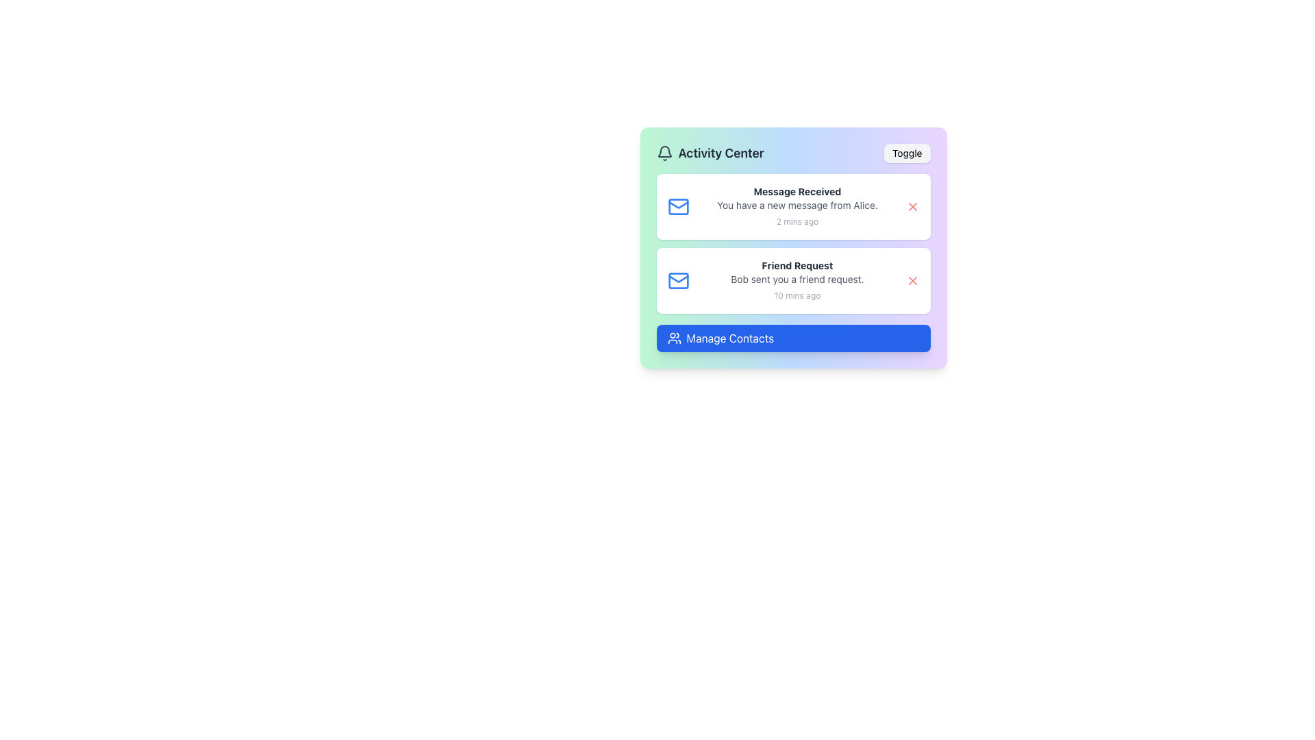 The width and height of the screenshot is (1315, 740). I want to click on the close icon represented as an 'X' shape located in the top notification card of the 'Activity Center' interface, so click(912, 206).